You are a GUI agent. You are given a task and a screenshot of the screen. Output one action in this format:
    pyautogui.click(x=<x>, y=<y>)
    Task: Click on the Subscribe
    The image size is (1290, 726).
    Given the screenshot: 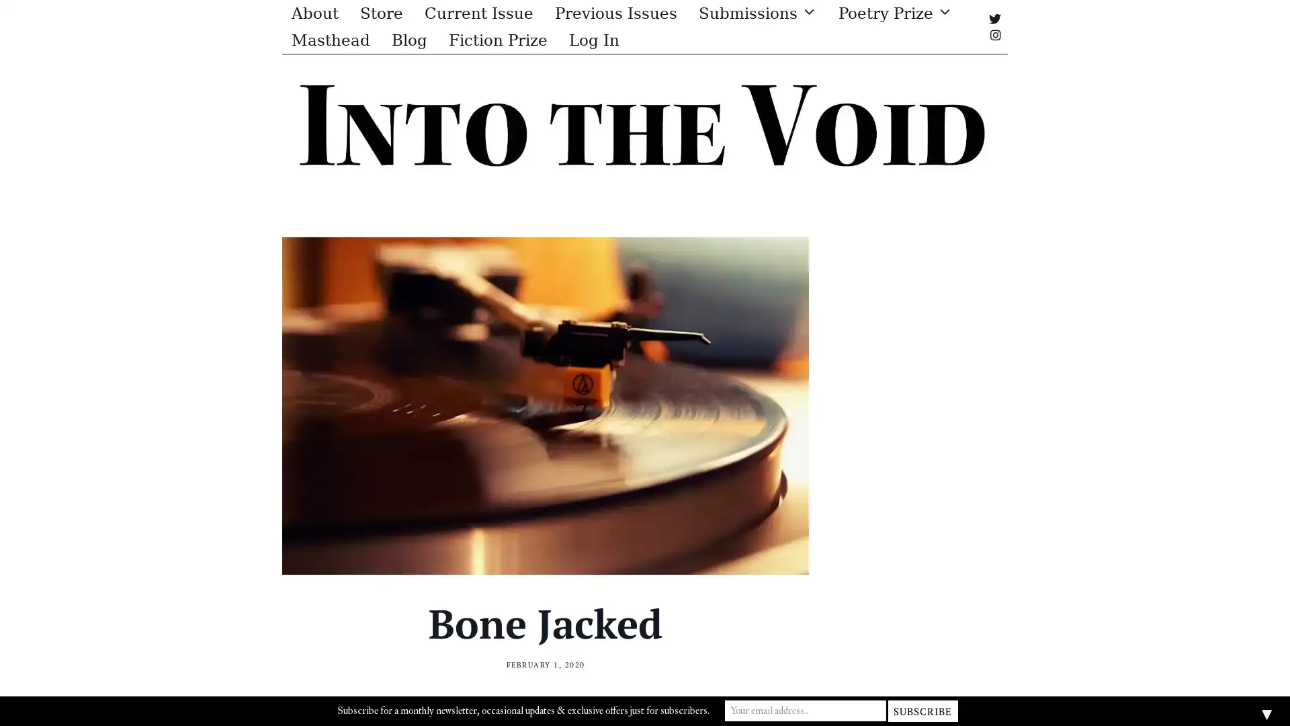 What is the action you would take?
    pyautogui.click(x=921, y=709)
    